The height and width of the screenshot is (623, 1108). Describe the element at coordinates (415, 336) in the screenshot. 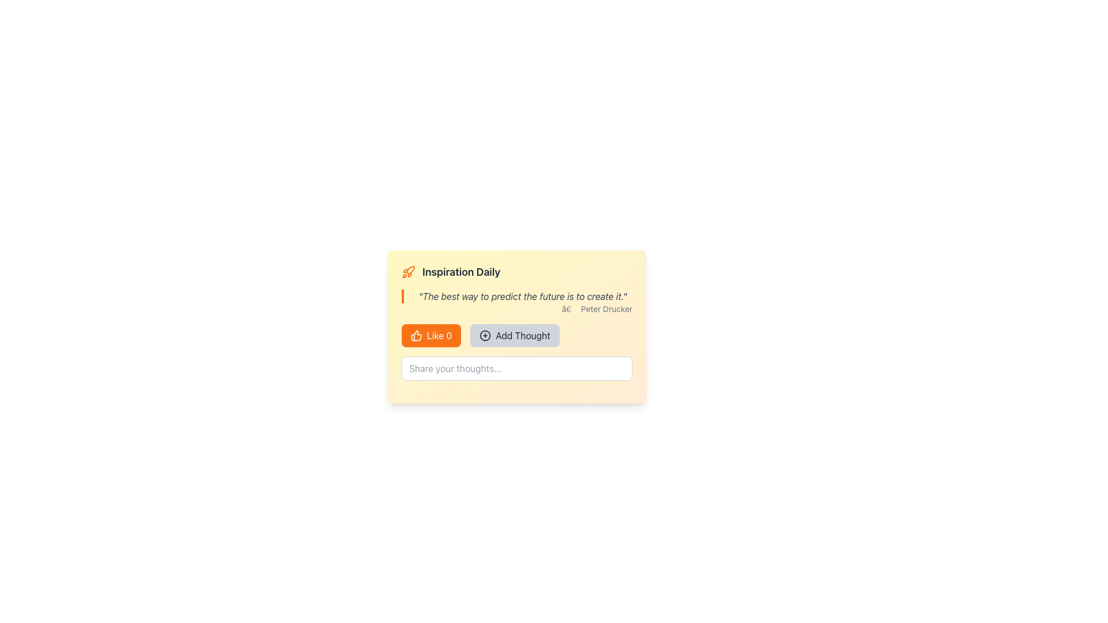

I see `the 'thumbs up' icon within the 'Like' button` at that location.